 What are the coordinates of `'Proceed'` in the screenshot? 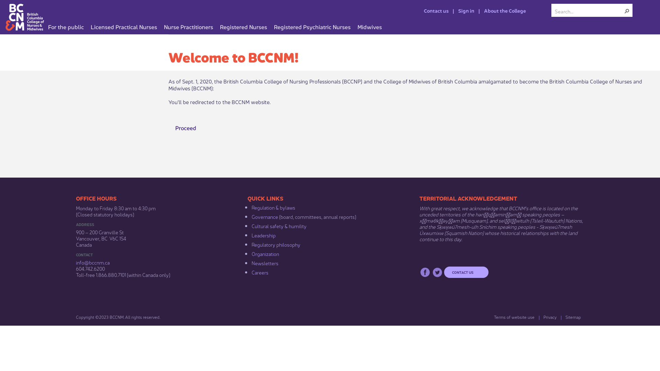 It's located at (186, 127).